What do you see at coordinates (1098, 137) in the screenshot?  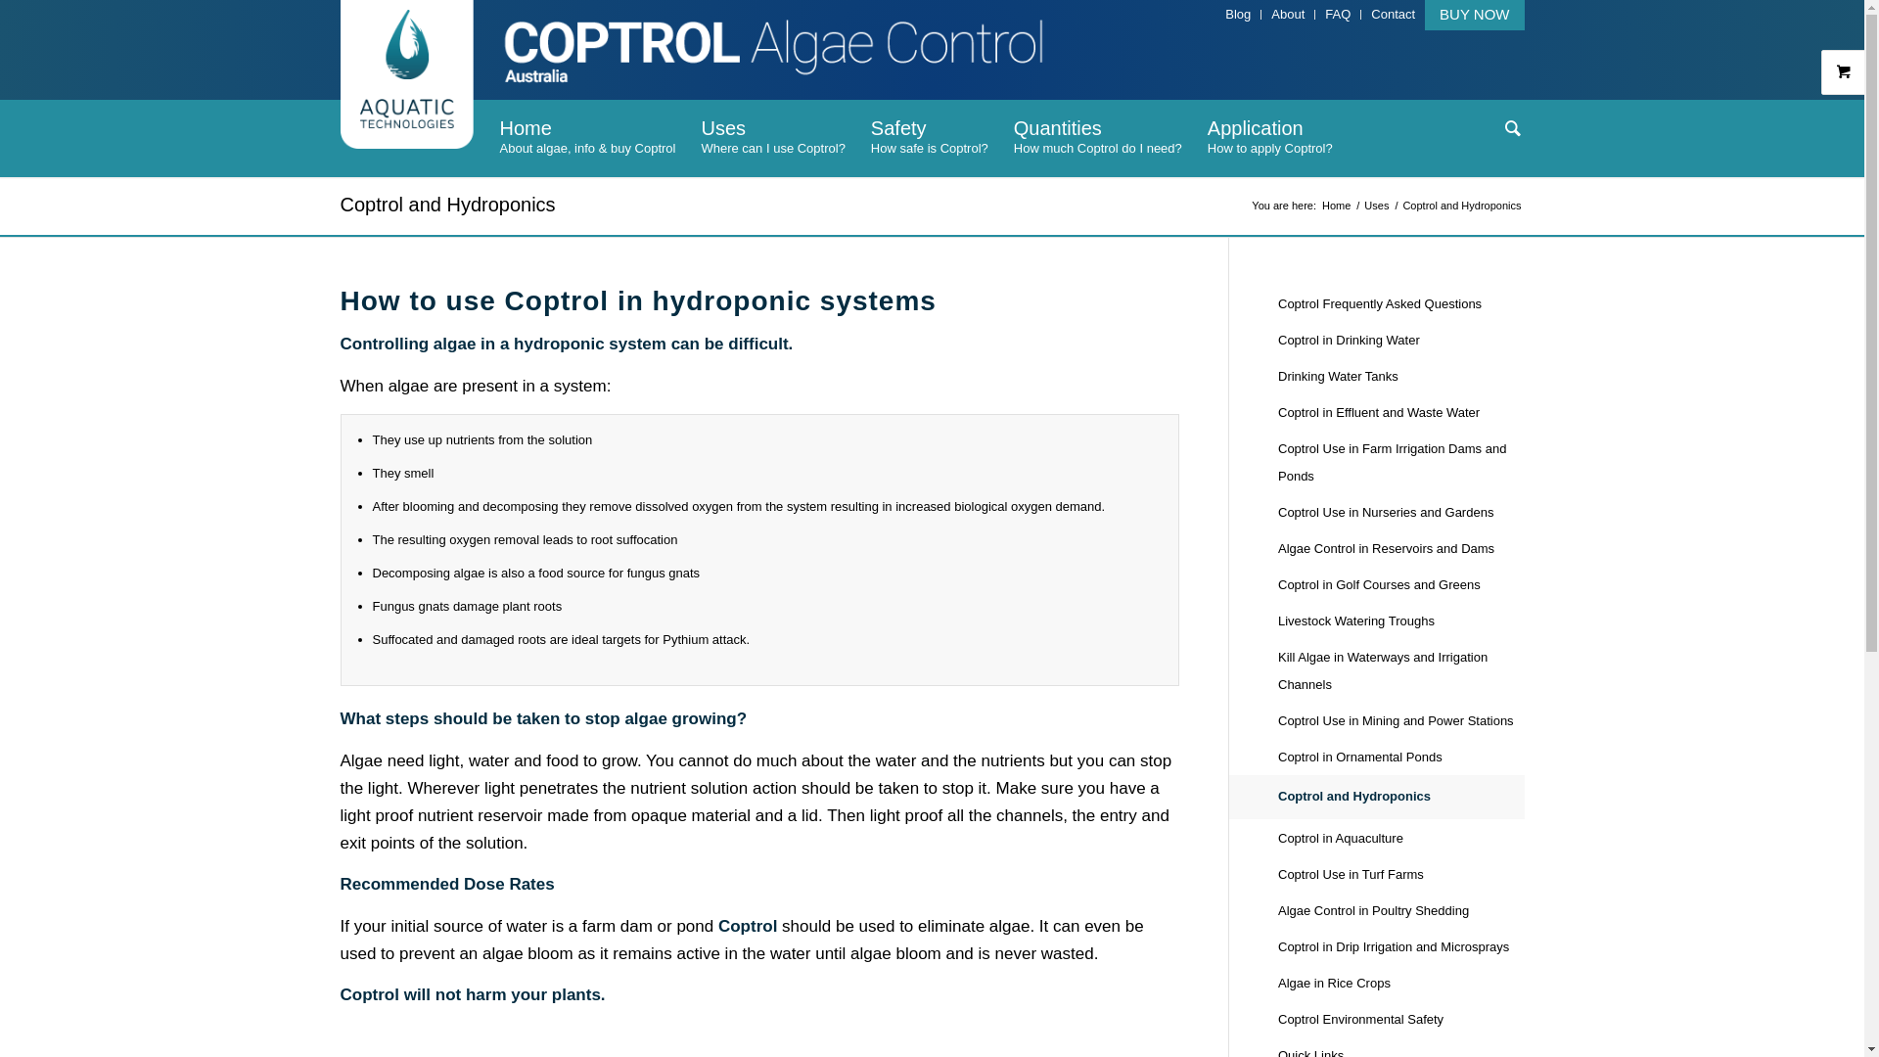 I see `'Quantities'` at bounding box center [1098, 137].